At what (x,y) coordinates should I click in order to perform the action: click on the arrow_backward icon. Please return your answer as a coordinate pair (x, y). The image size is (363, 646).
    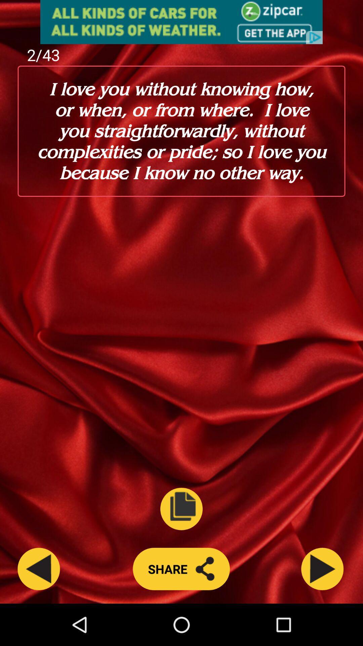
    Looking at the image, I should click on (39, 609).